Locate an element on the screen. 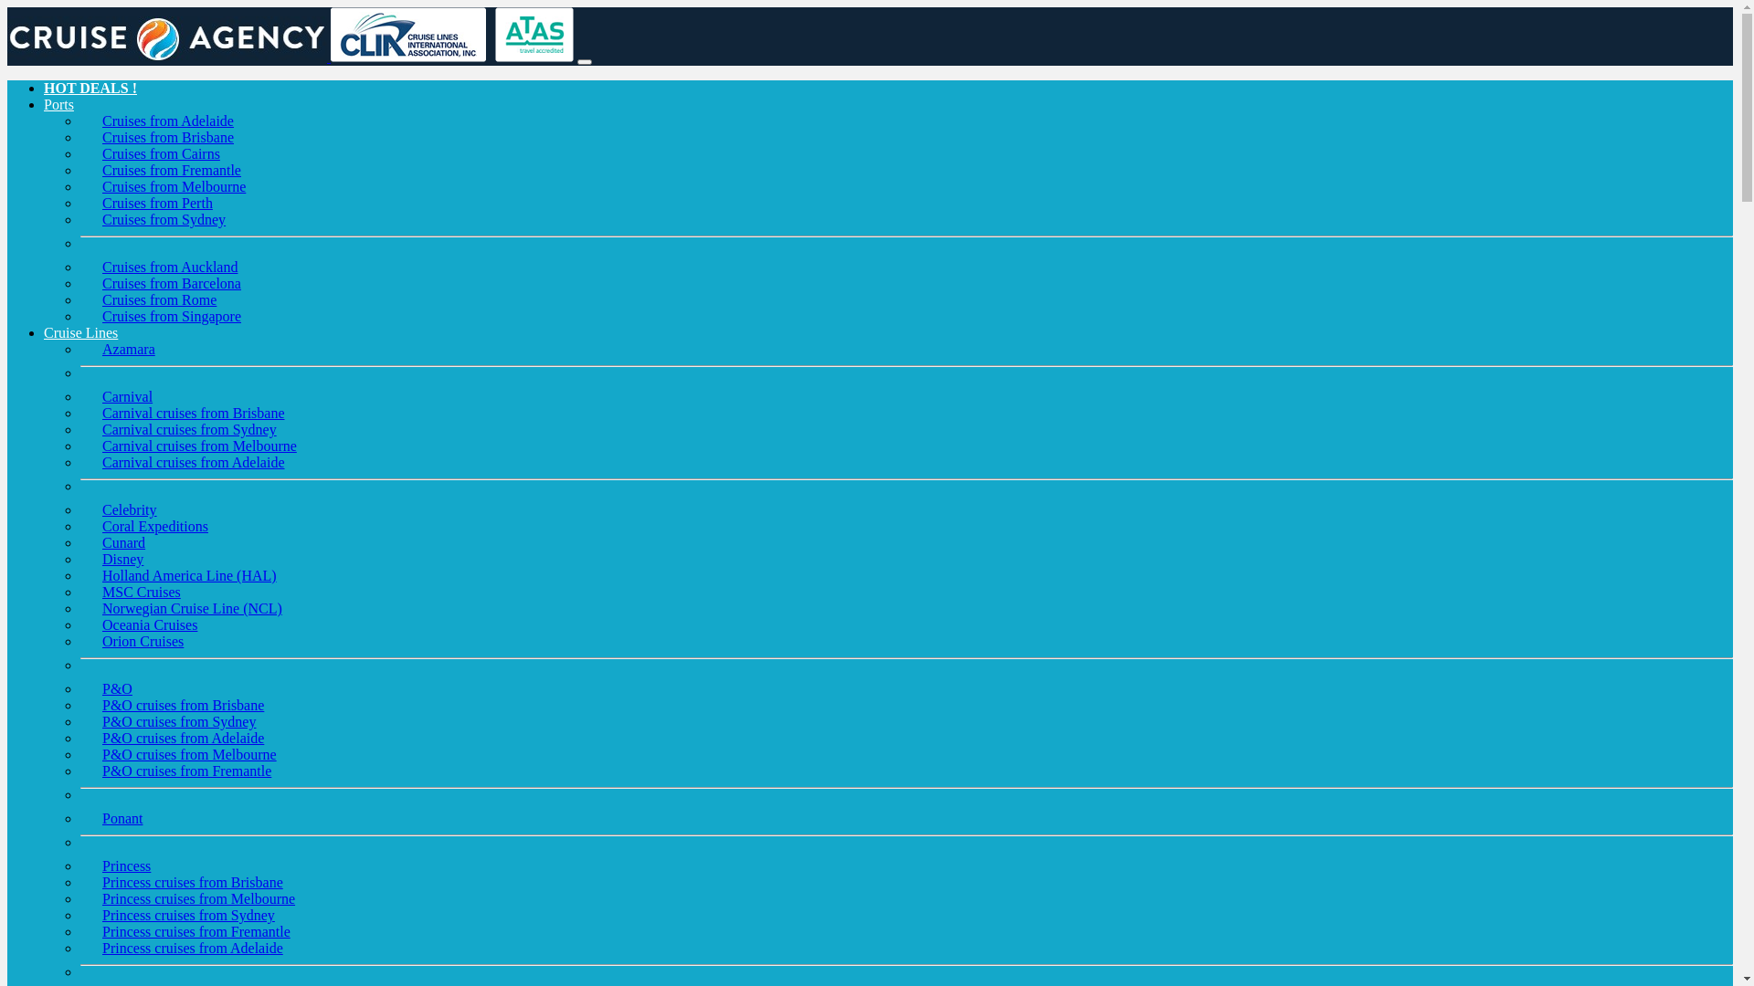 The height and width of the screenshot is (986, 1754). 'Carnival cruises from Brisbane' is located at coordinates (193, 413).